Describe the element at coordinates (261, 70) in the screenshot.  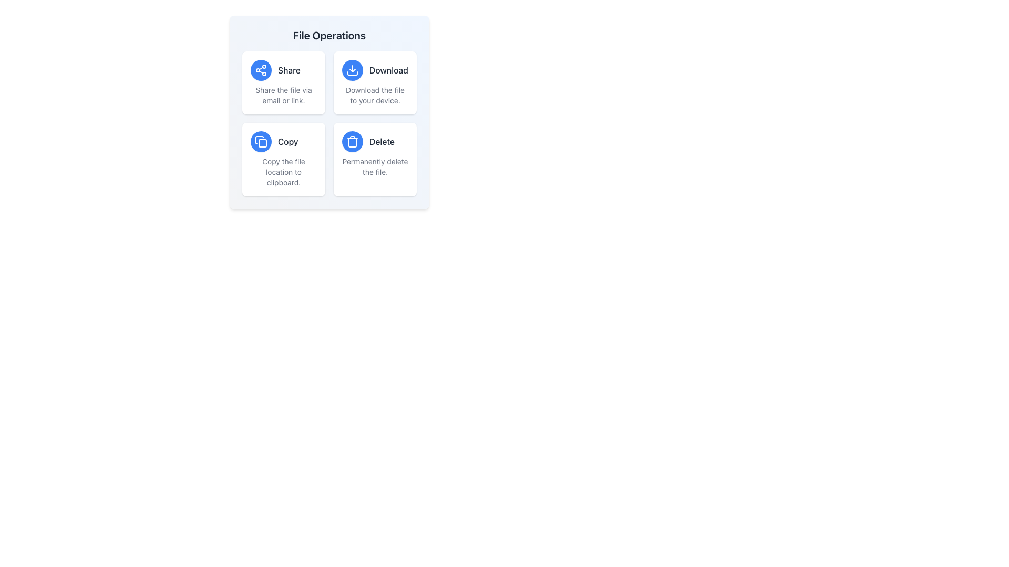
I see `the 'Share' icon button located at the top-left corner of the 2x2 grid under the 'File Operations' header` at that location.